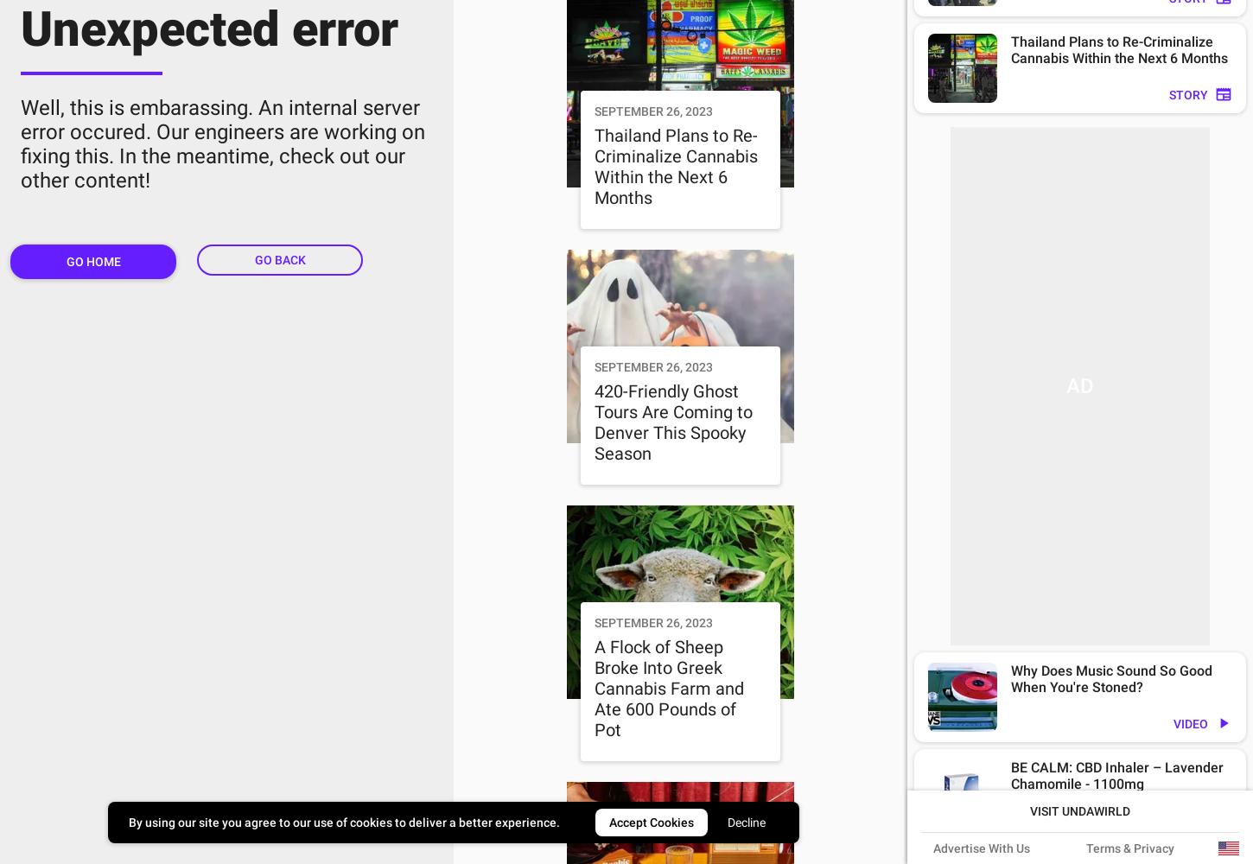 This screenshot has height=864, width=1253. Describe the element at coordinates (1118, 776) in the screenshot. I see `'BE CALM: CBD Inhaler – Lavender Chamomile - 1100mg'` at that location.